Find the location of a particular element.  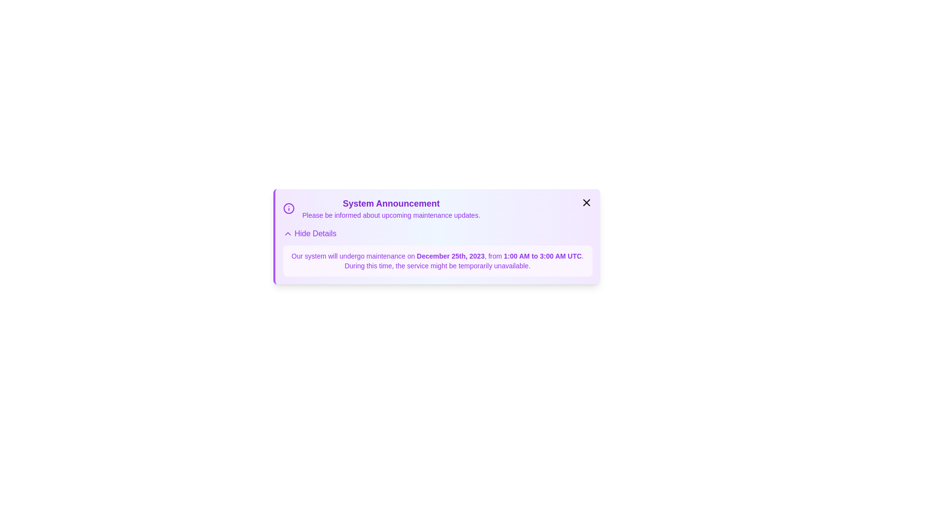

important announcement text displayed in the Text block which contains a heading and description, positioned above an expandable details section is located at coordinates (391, 208).